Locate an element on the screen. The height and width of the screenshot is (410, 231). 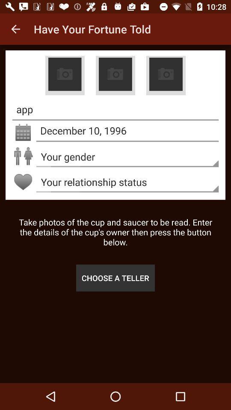
a photo is located at coordinates (115, 75).